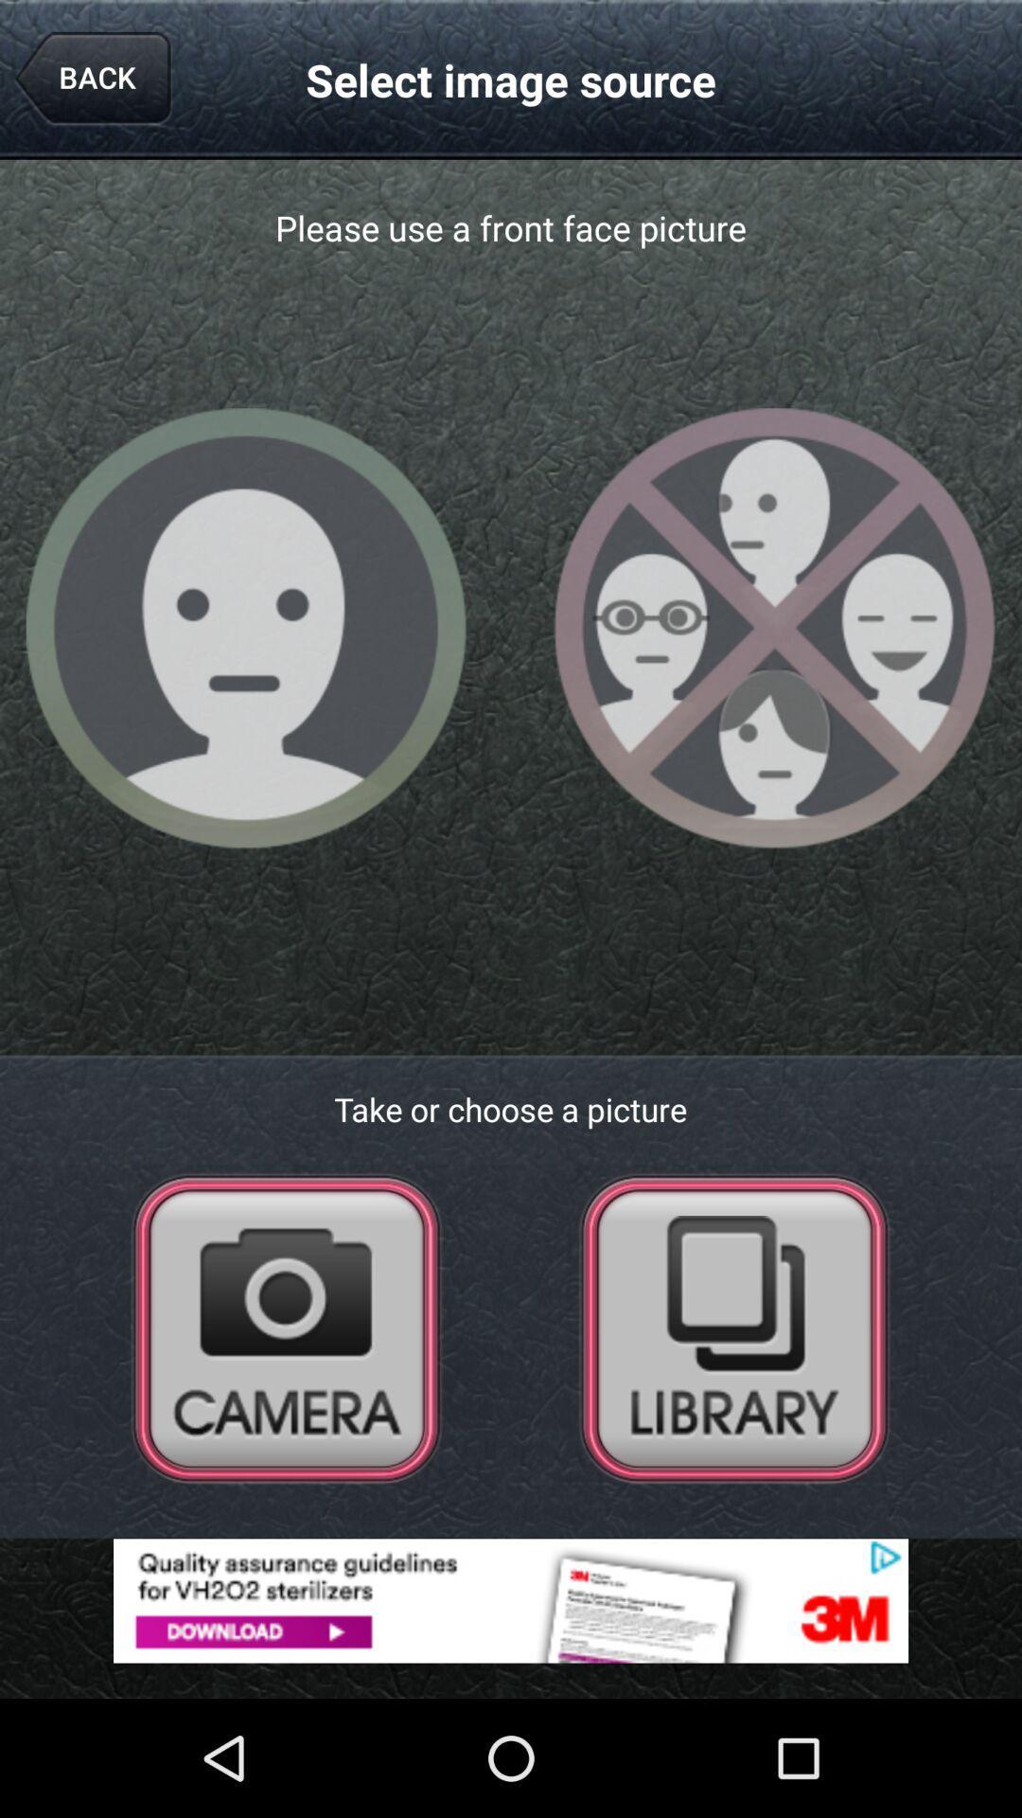 The image size is (1022, 1818). What do you see at coordinates (733, 1327) in the screenshot?
I see `upload a pic` at bounding box center [733, 1327].